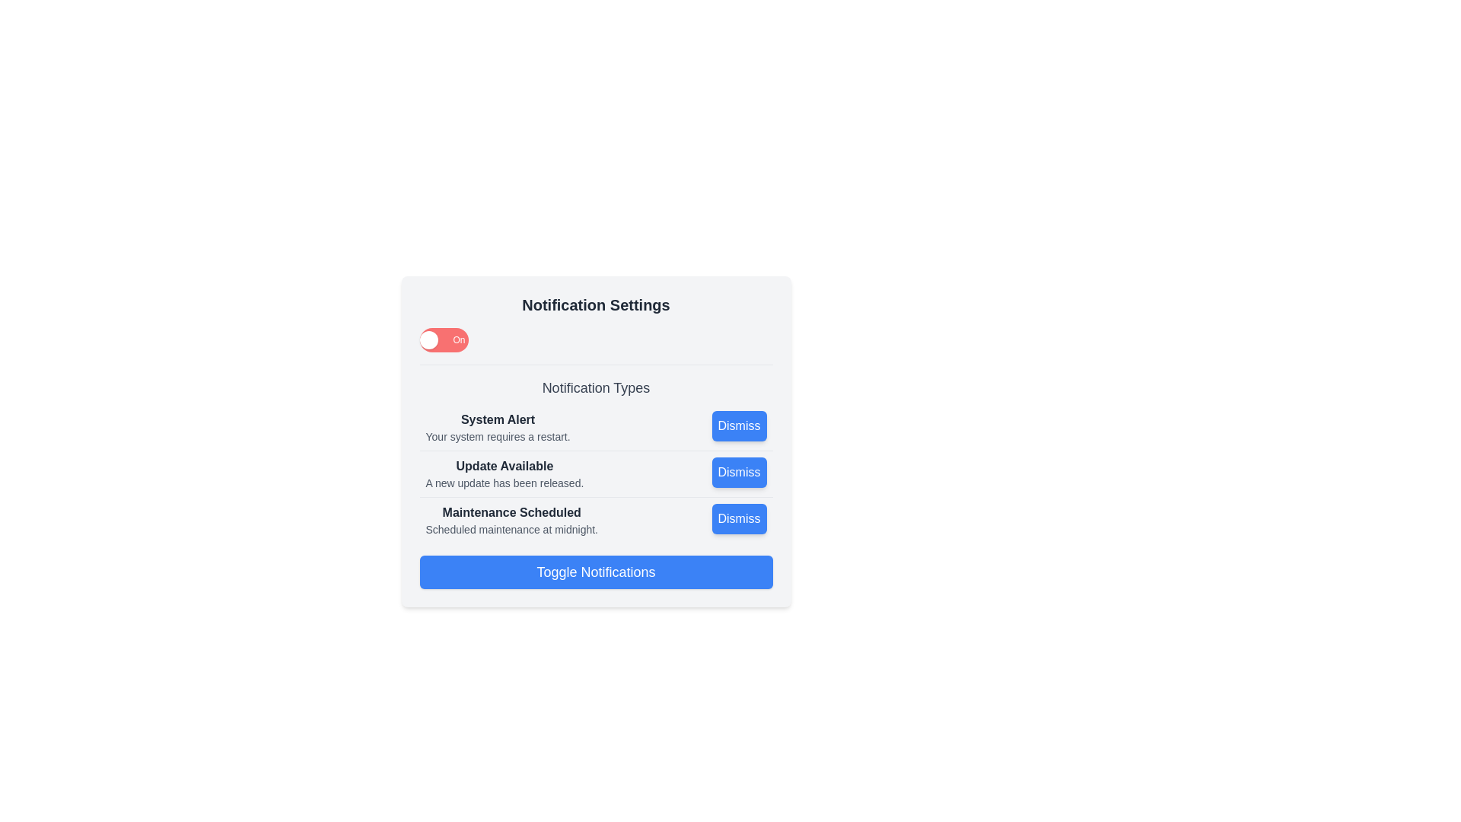 The image size is (1461, 822). I want to click on static text label displaying the message 'Your system requires a restart.' which is positioned under the title 'System Alert', so click(498, 437).